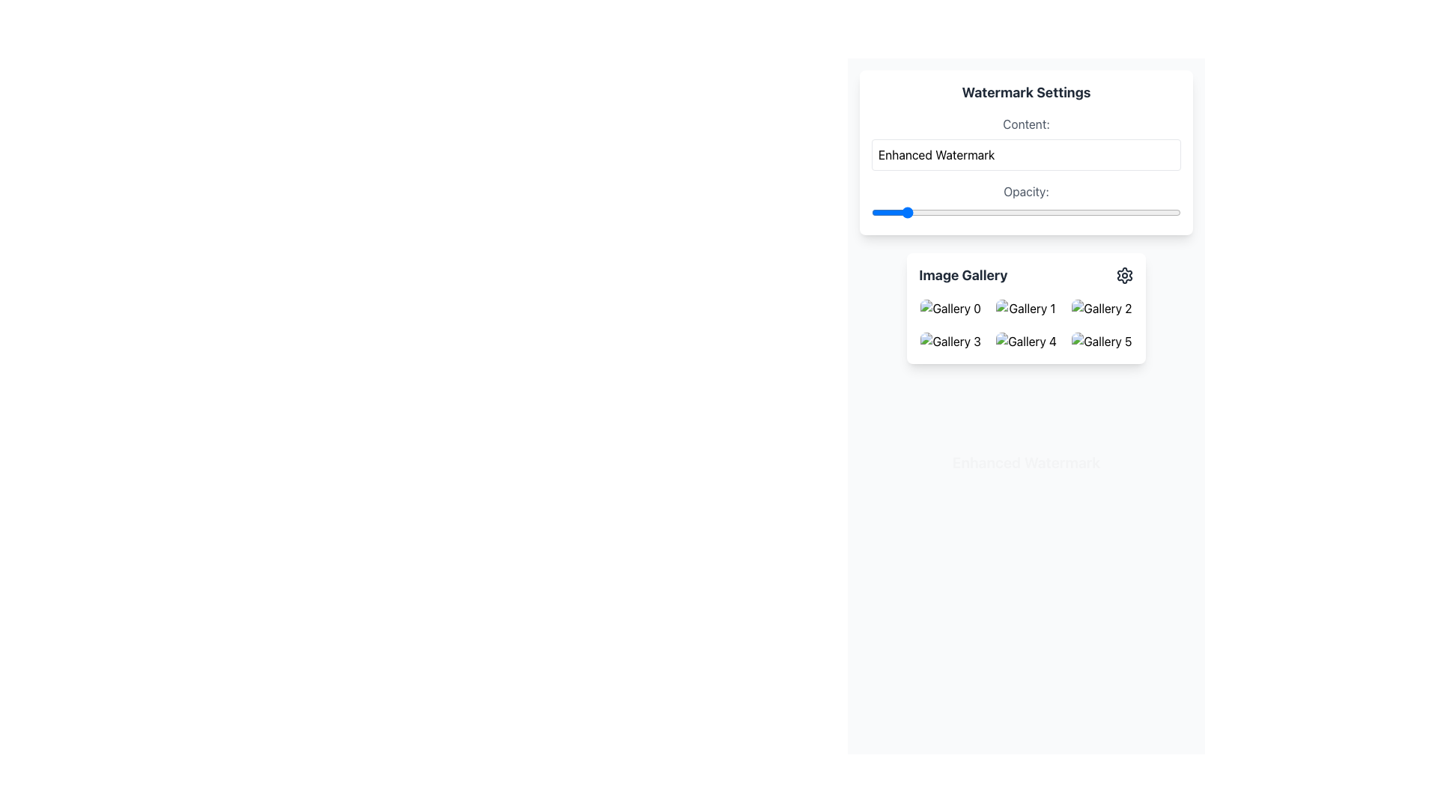 This screenshot has height=809, width=1438. I want to click on the first item in the second row of the three-column grid layout in the 'Image Gallery' section, so click(950, 341).